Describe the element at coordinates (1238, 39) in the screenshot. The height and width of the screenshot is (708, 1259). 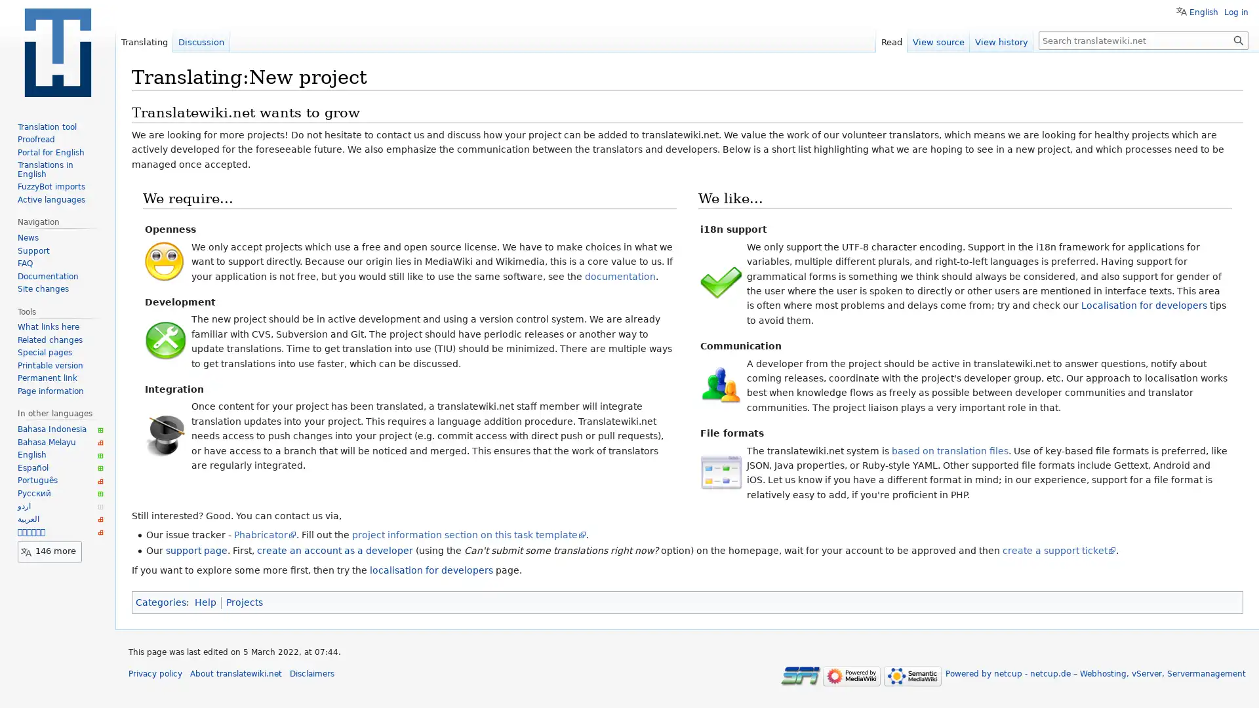
I see `Go` at that location.